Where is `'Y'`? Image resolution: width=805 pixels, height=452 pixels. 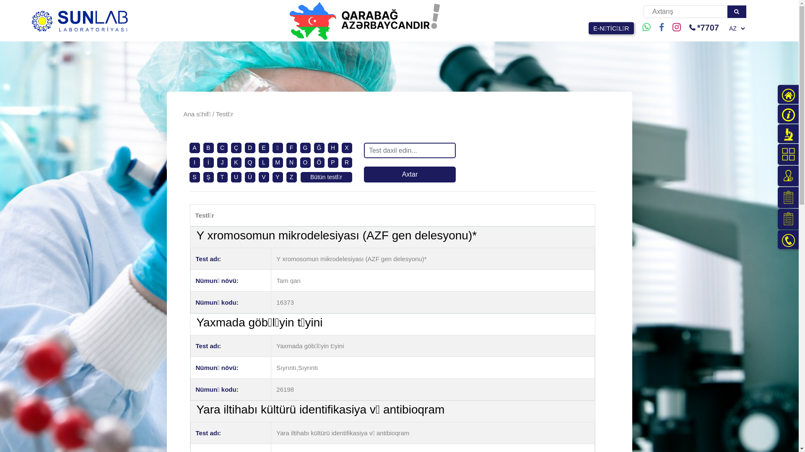
'Y' is located at coordinates (275, 177).